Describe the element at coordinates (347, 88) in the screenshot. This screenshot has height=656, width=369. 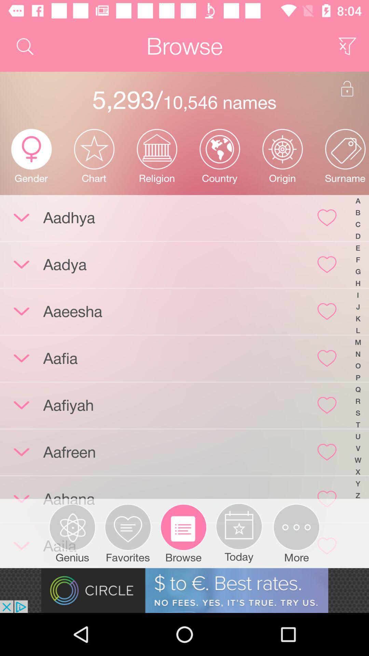
I see `the lock icon` at that location.